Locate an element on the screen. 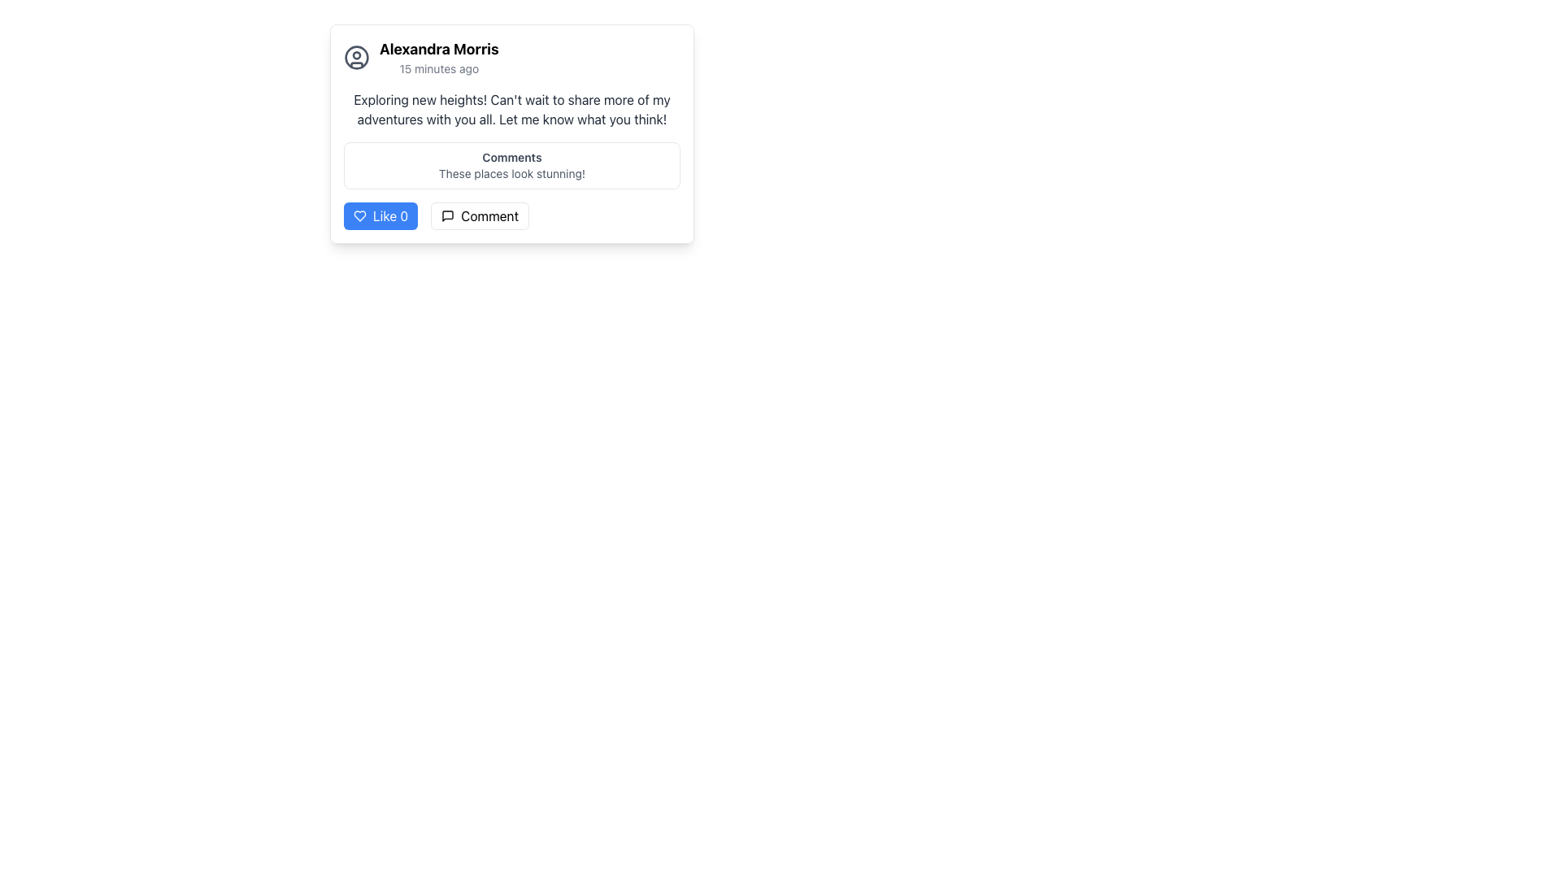 The width and height of the screenshot is (1561, 878). the 'Like 0' button, which is a rectangular button with a blue background and a white heart icon, to like or unlike is located at coordinates (380, 215).